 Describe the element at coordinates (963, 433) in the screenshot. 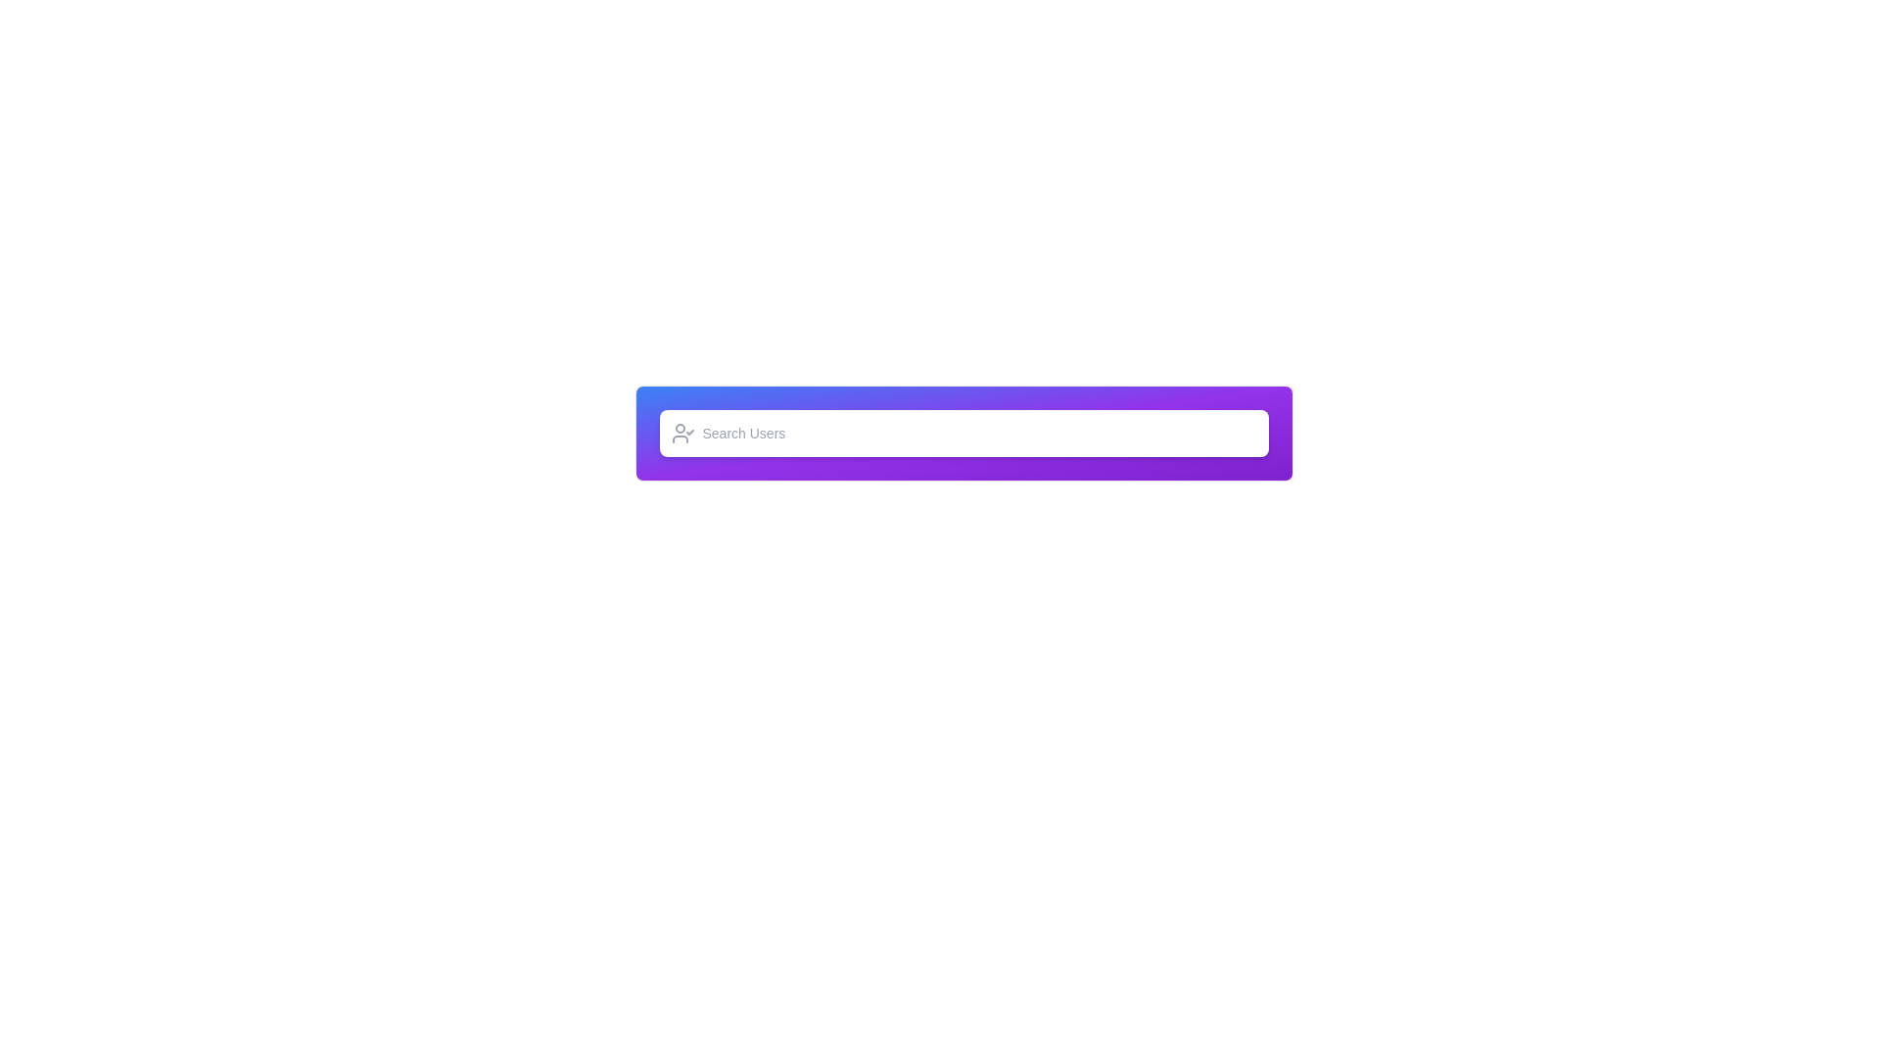

I see `the center of the Search bar with a gradient background to focus the input area` at that location.